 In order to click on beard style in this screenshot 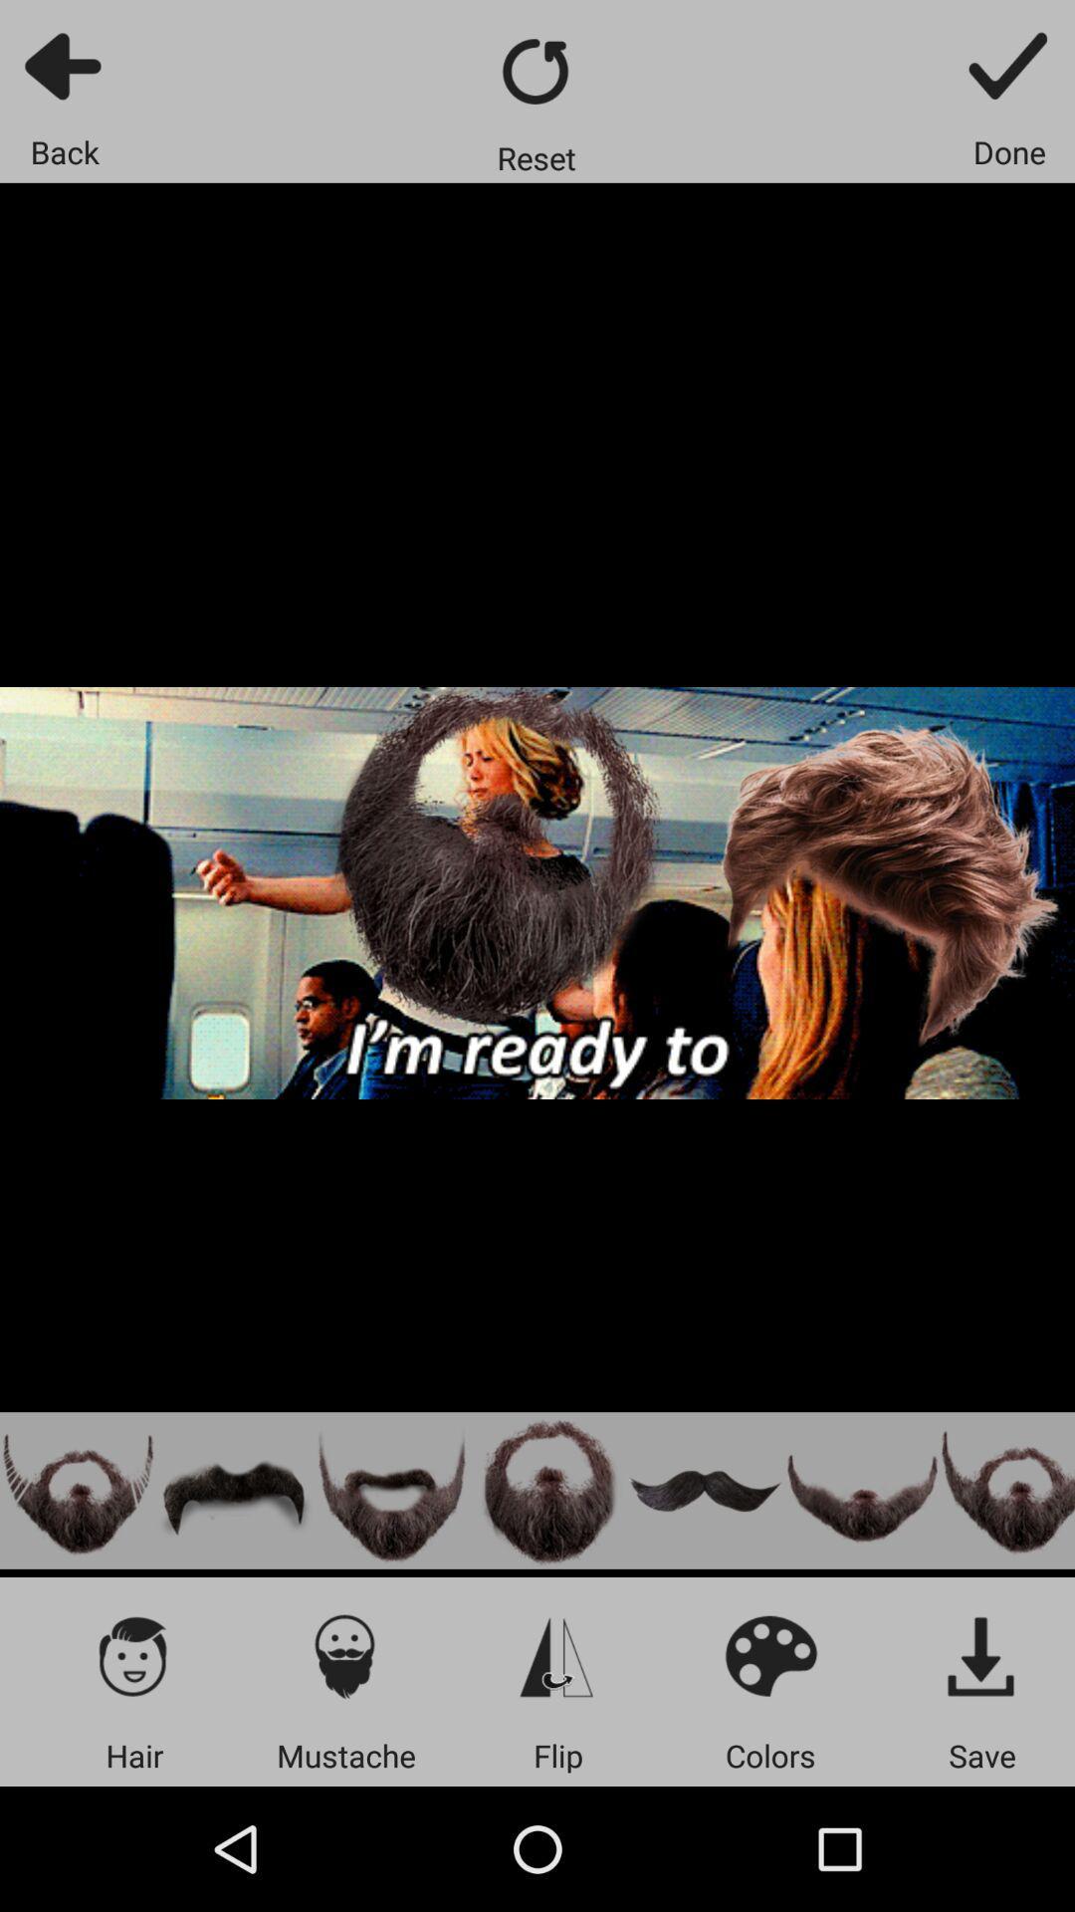, I will do `click(548, 1491)`.